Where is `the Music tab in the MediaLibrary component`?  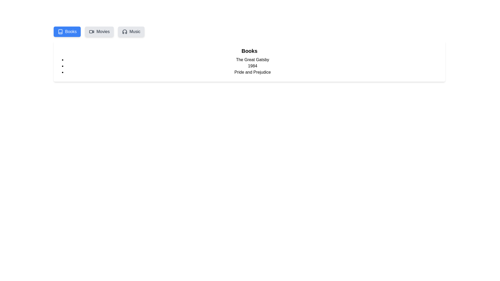
the Music tab in the MediaLibrary component is located at coordinates (131, 32).